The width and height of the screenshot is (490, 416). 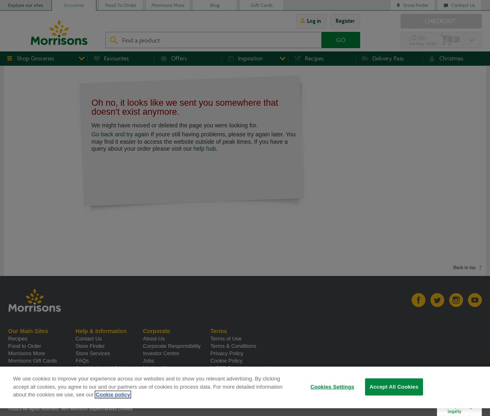 I want to click on 'Register', so click(x=345, y=21).